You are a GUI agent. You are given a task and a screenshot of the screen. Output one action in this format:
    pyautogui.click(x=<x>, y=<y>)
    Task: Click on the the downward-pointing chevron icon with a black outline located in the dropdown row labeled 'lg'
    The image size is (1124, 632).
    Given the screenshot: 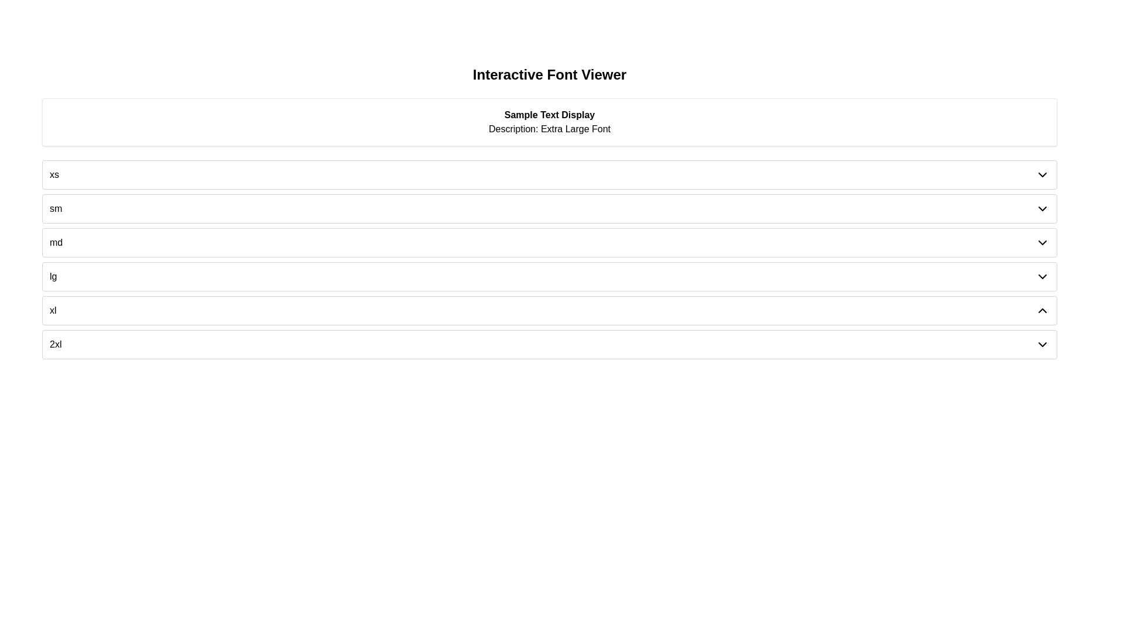 What is the action you would take?
    pyautogui.click(x=1042, y=277)
    